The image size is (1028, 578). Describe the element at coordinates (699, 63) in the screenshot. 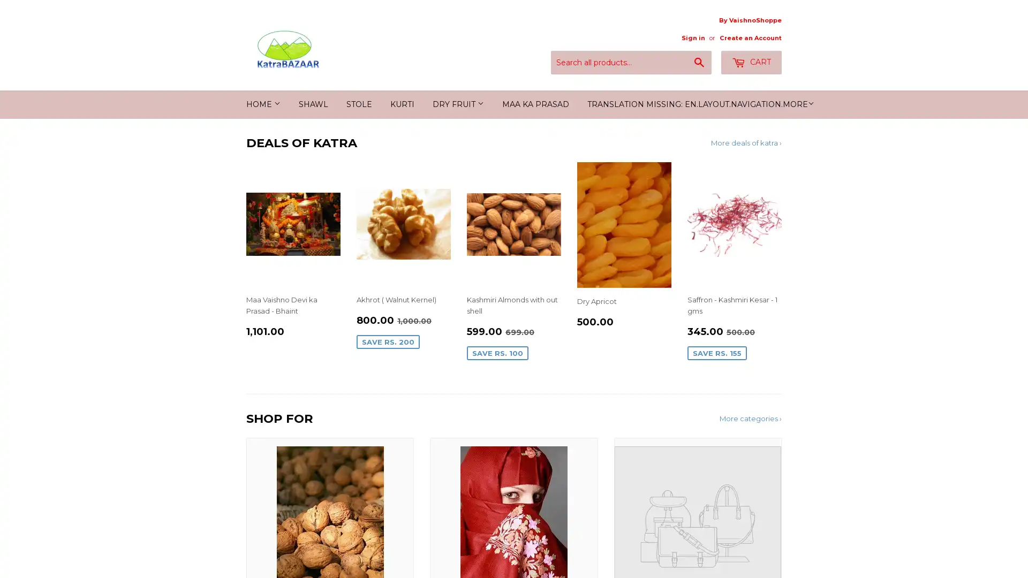

I see `Search` at that location.